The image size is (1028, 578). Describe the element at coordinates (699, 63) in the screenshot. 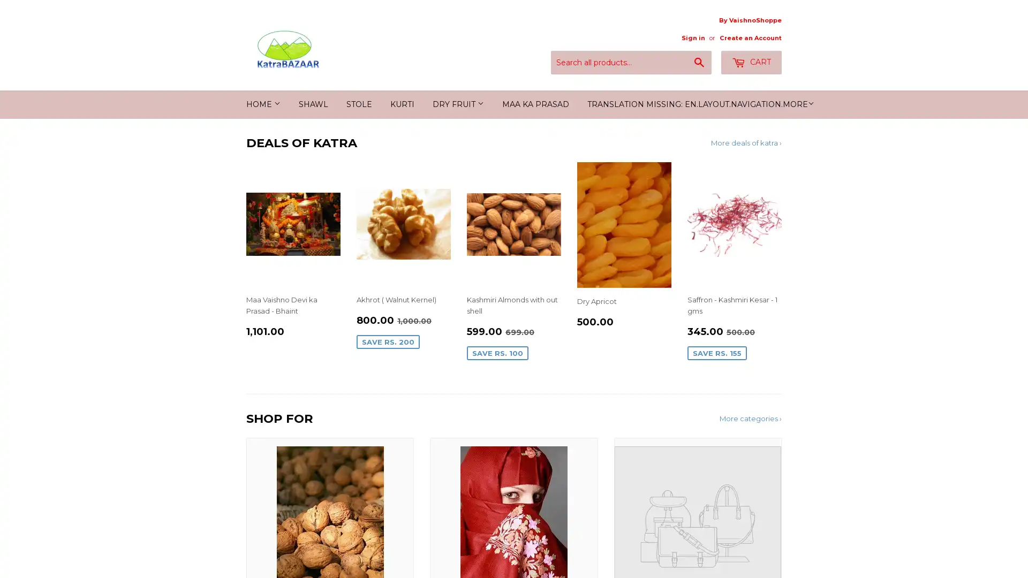

I see `Search` at that location.